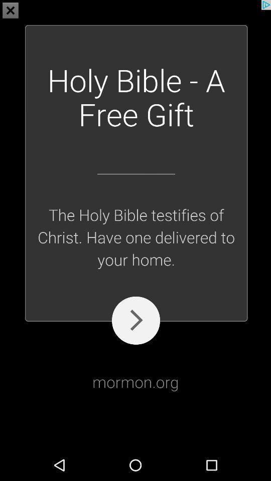  Describe the element at coordinates (10, 11) in the screenshot. I see `the close icon` at that location.